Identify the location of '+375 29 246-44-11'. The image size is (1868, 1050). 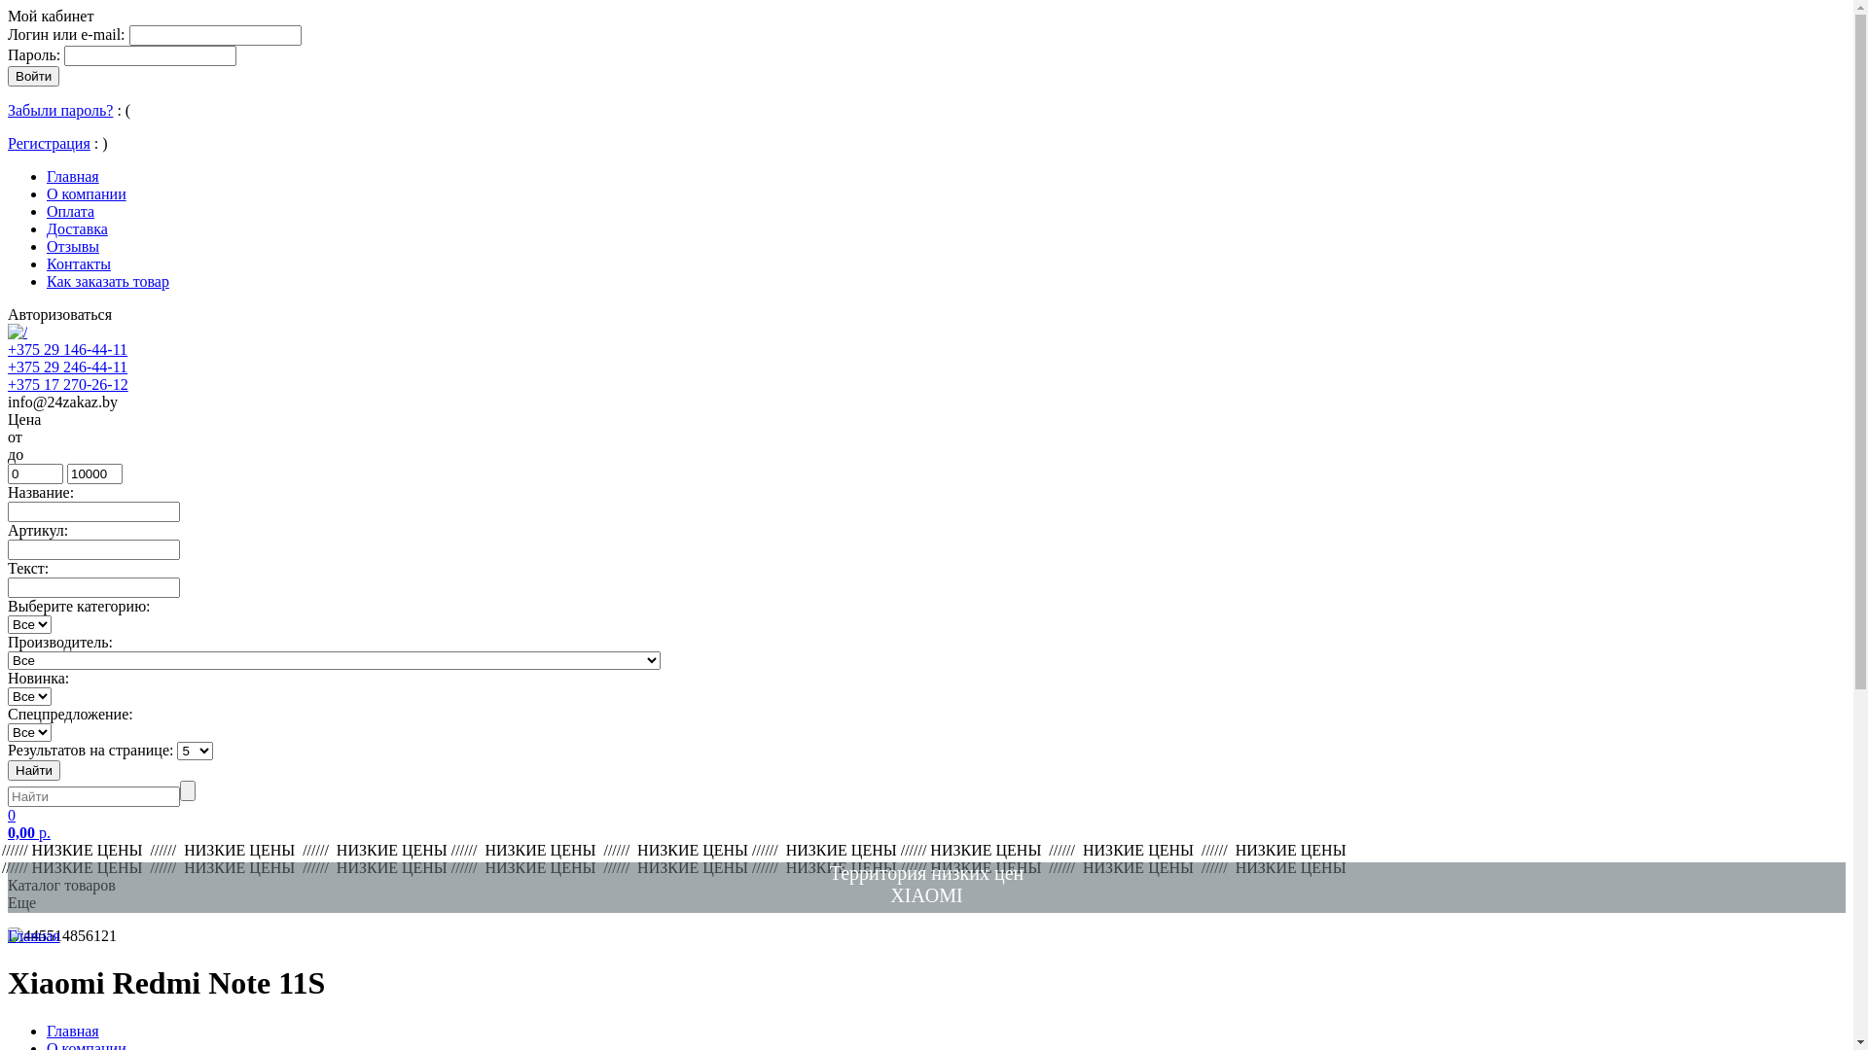
(67, 367).